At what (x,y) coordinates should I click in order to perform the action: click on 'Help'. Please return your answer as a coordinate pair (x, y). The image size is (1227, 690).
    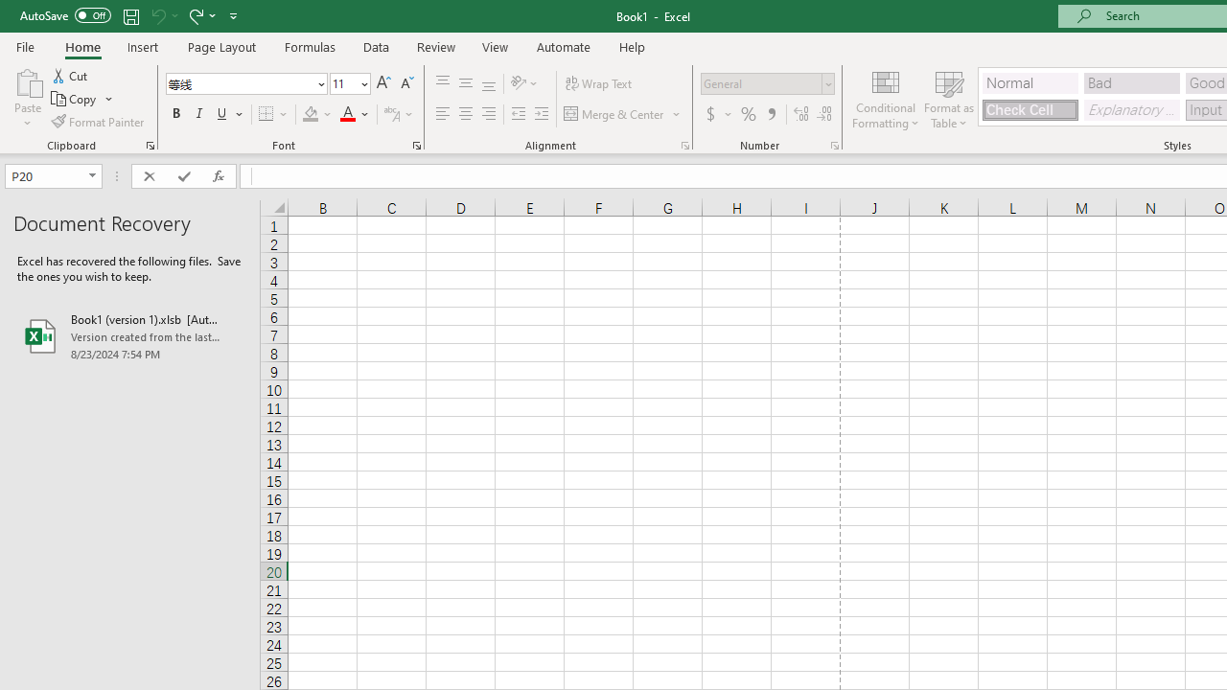
    Looking at the image, I should click on (633, 46).